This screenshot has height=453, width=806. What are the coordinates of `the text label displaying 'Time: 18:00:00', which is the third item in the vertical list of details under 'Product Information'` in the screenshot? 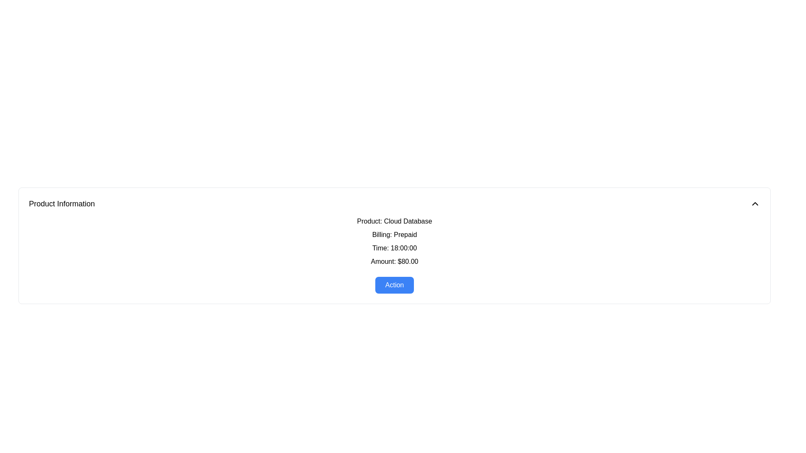 It's located at (394, 247).